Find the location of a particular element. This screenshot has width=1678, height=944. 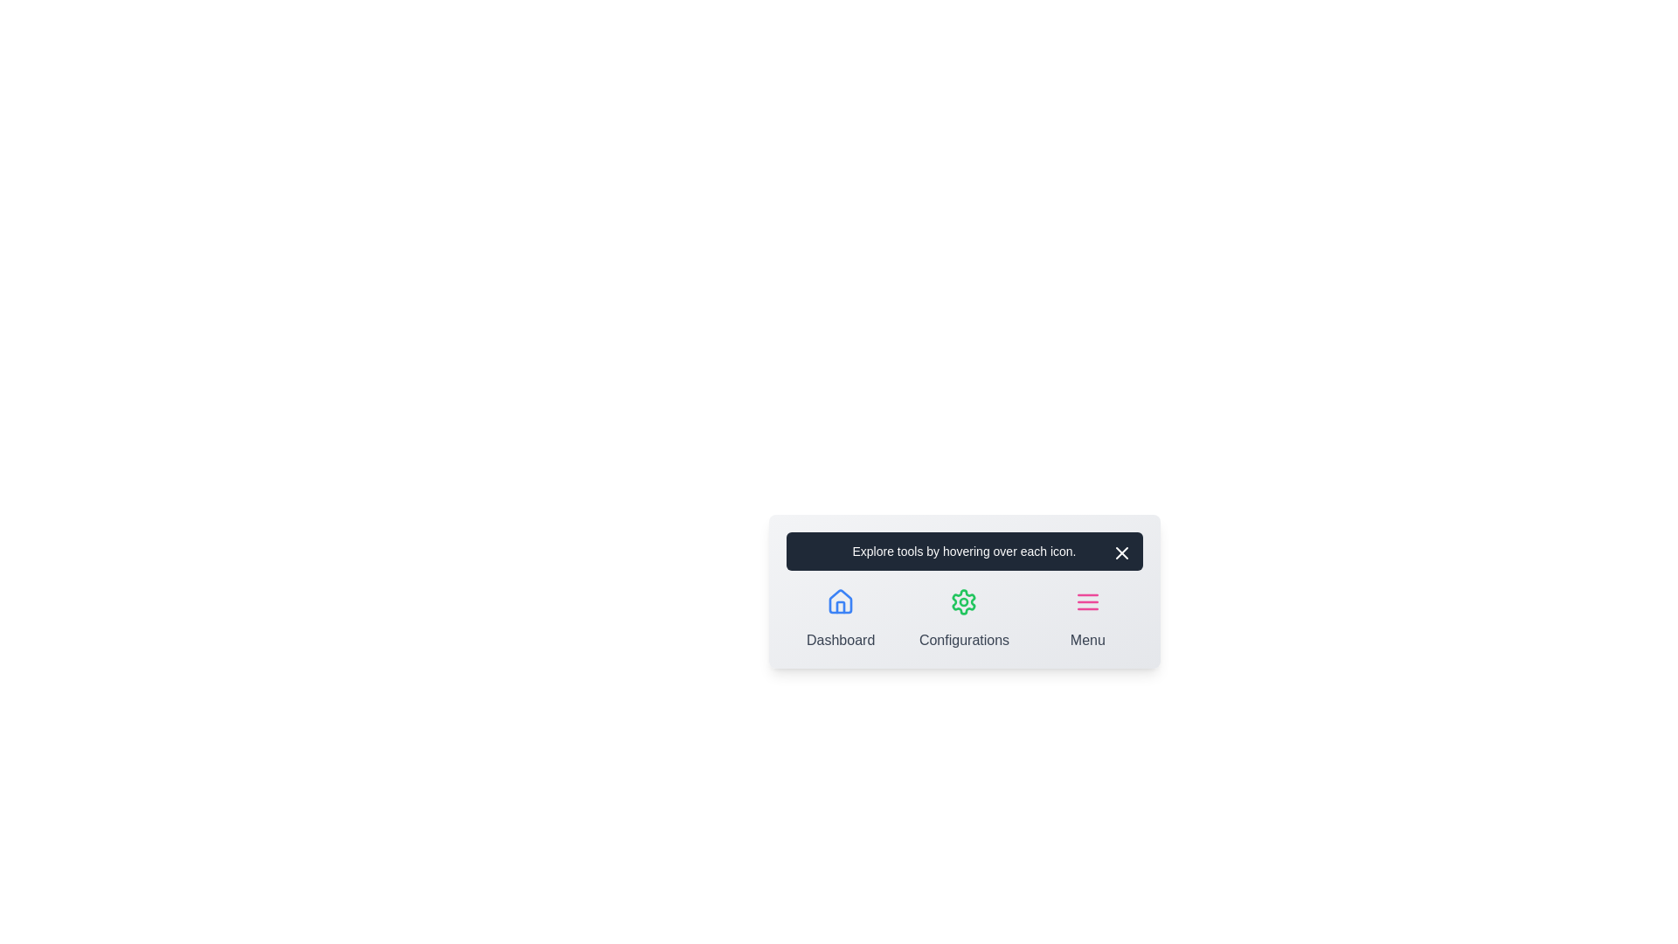

the cogwheel icon with a green outline located is located at coordinates (963, 601).